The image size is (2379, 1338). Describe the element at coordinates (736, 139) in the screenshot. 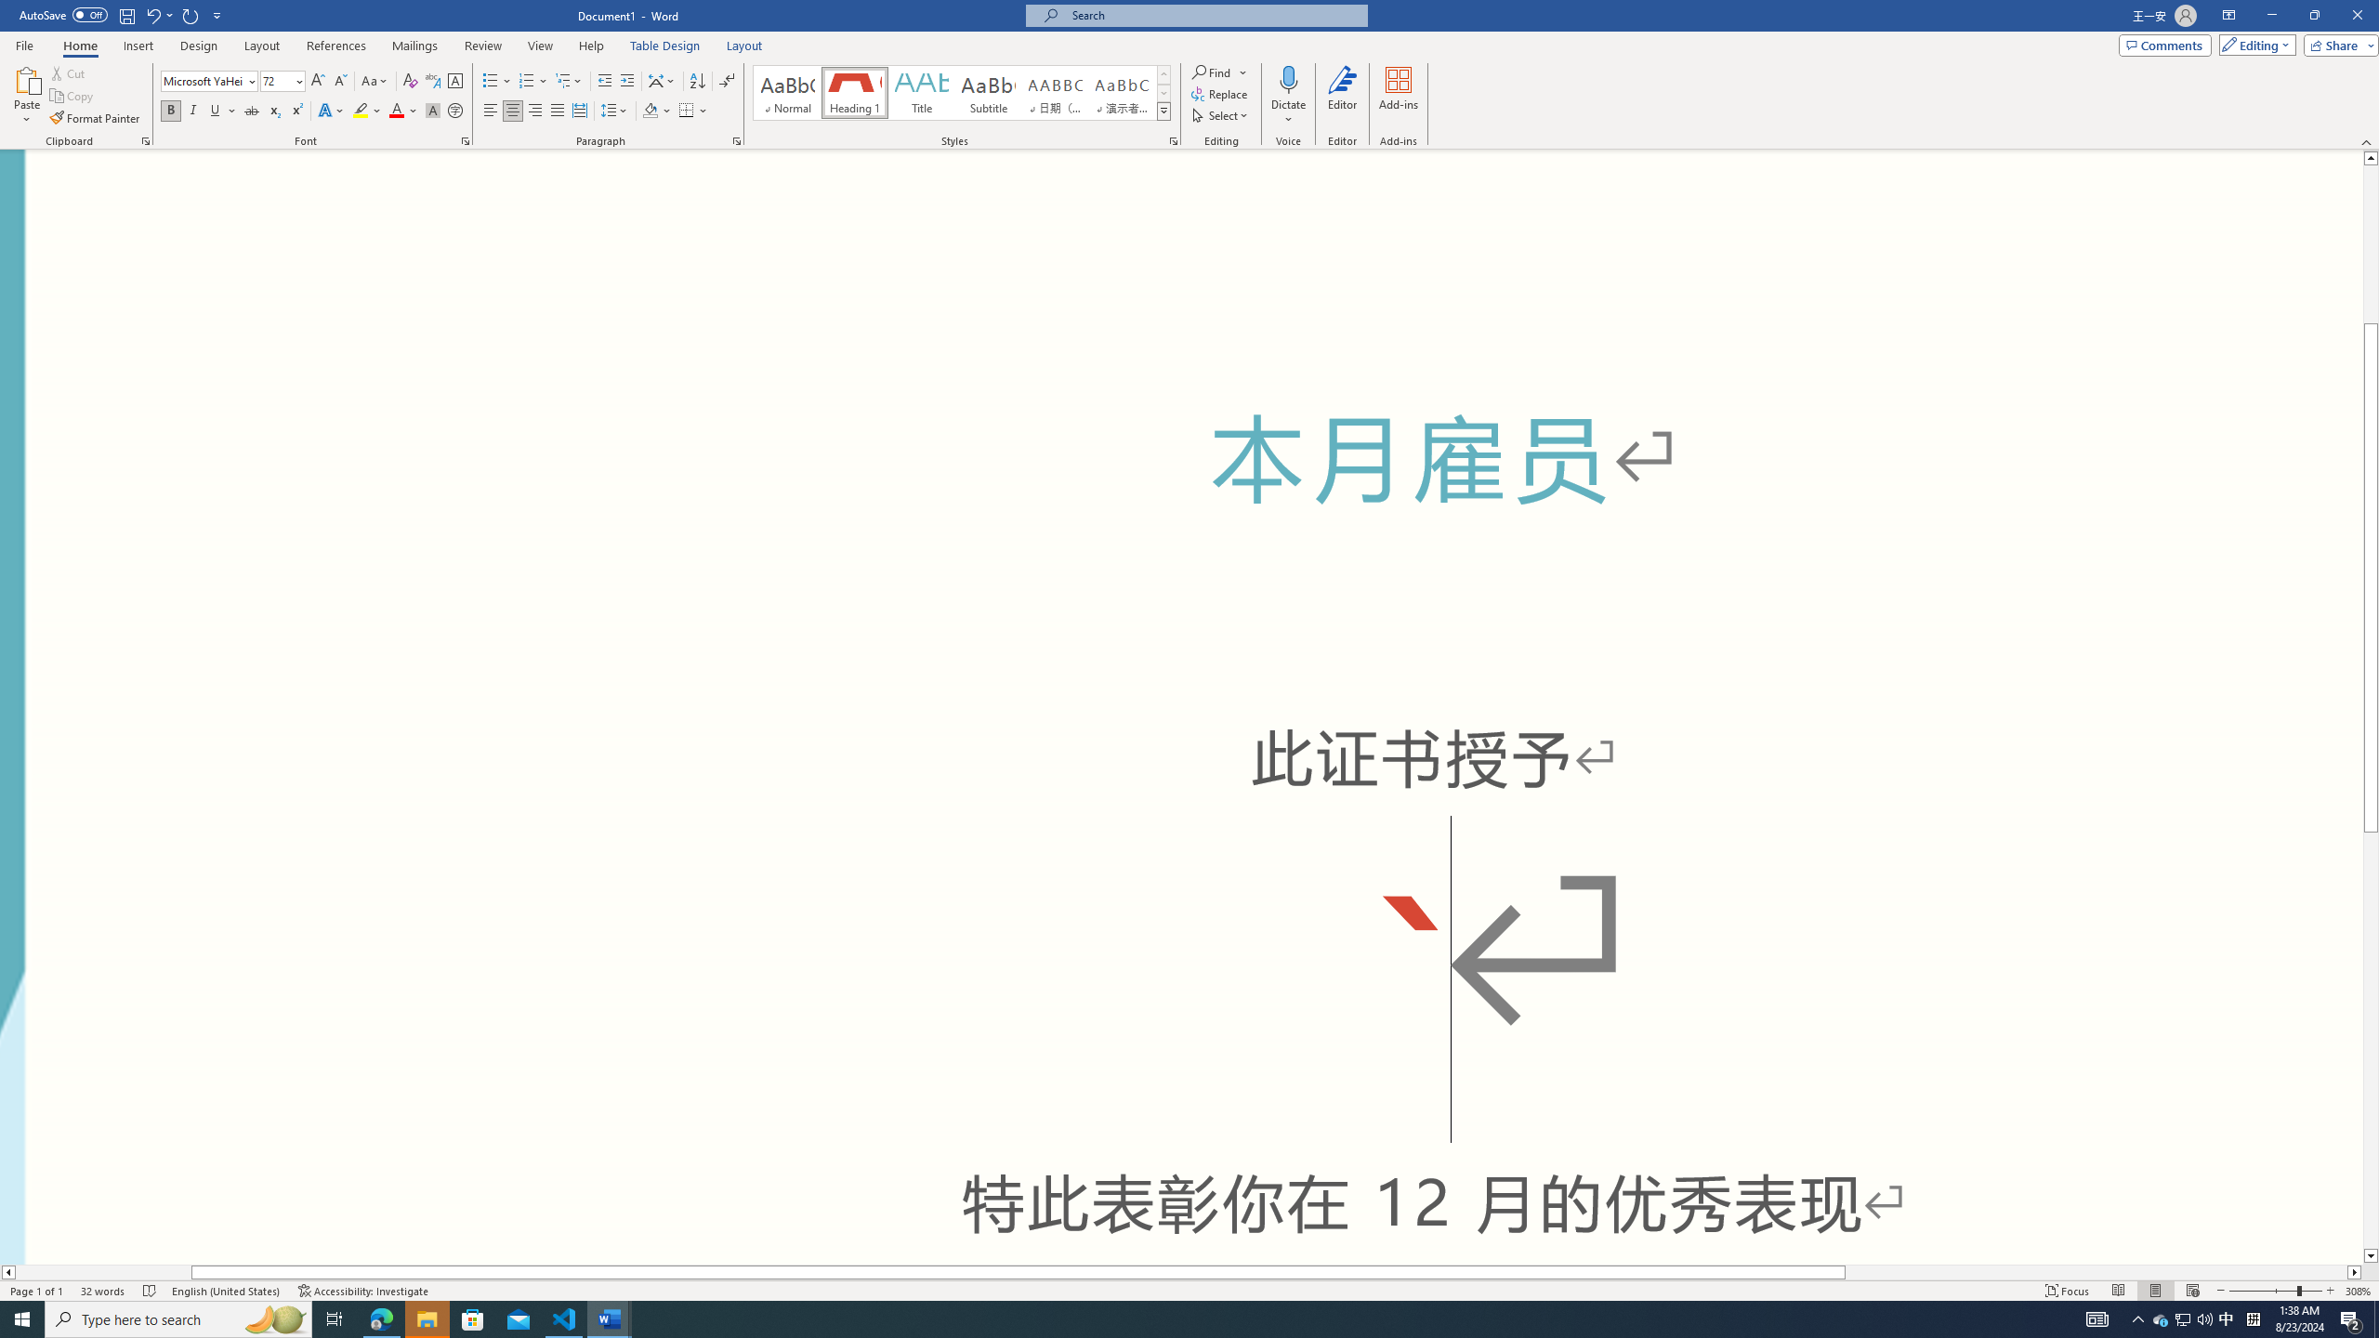

I see `'Paragraph...'` at that location.